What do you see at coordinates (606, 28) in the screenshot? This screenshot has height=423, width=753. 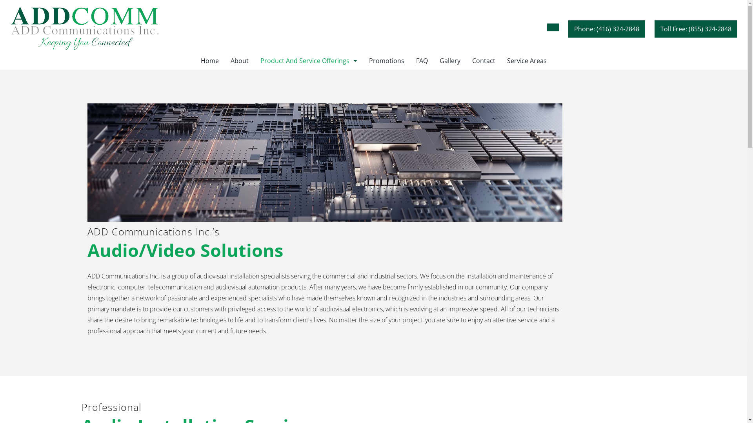 I see `'Phone: (416) 324-2848'` at bounding box center [606, 28].